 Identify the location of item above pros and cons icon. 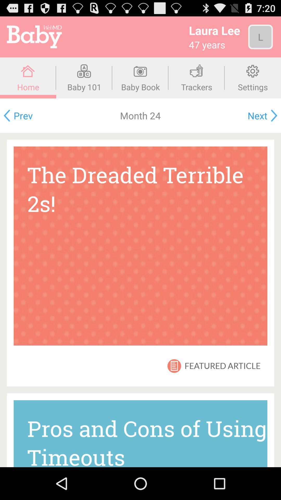
(175, 366).